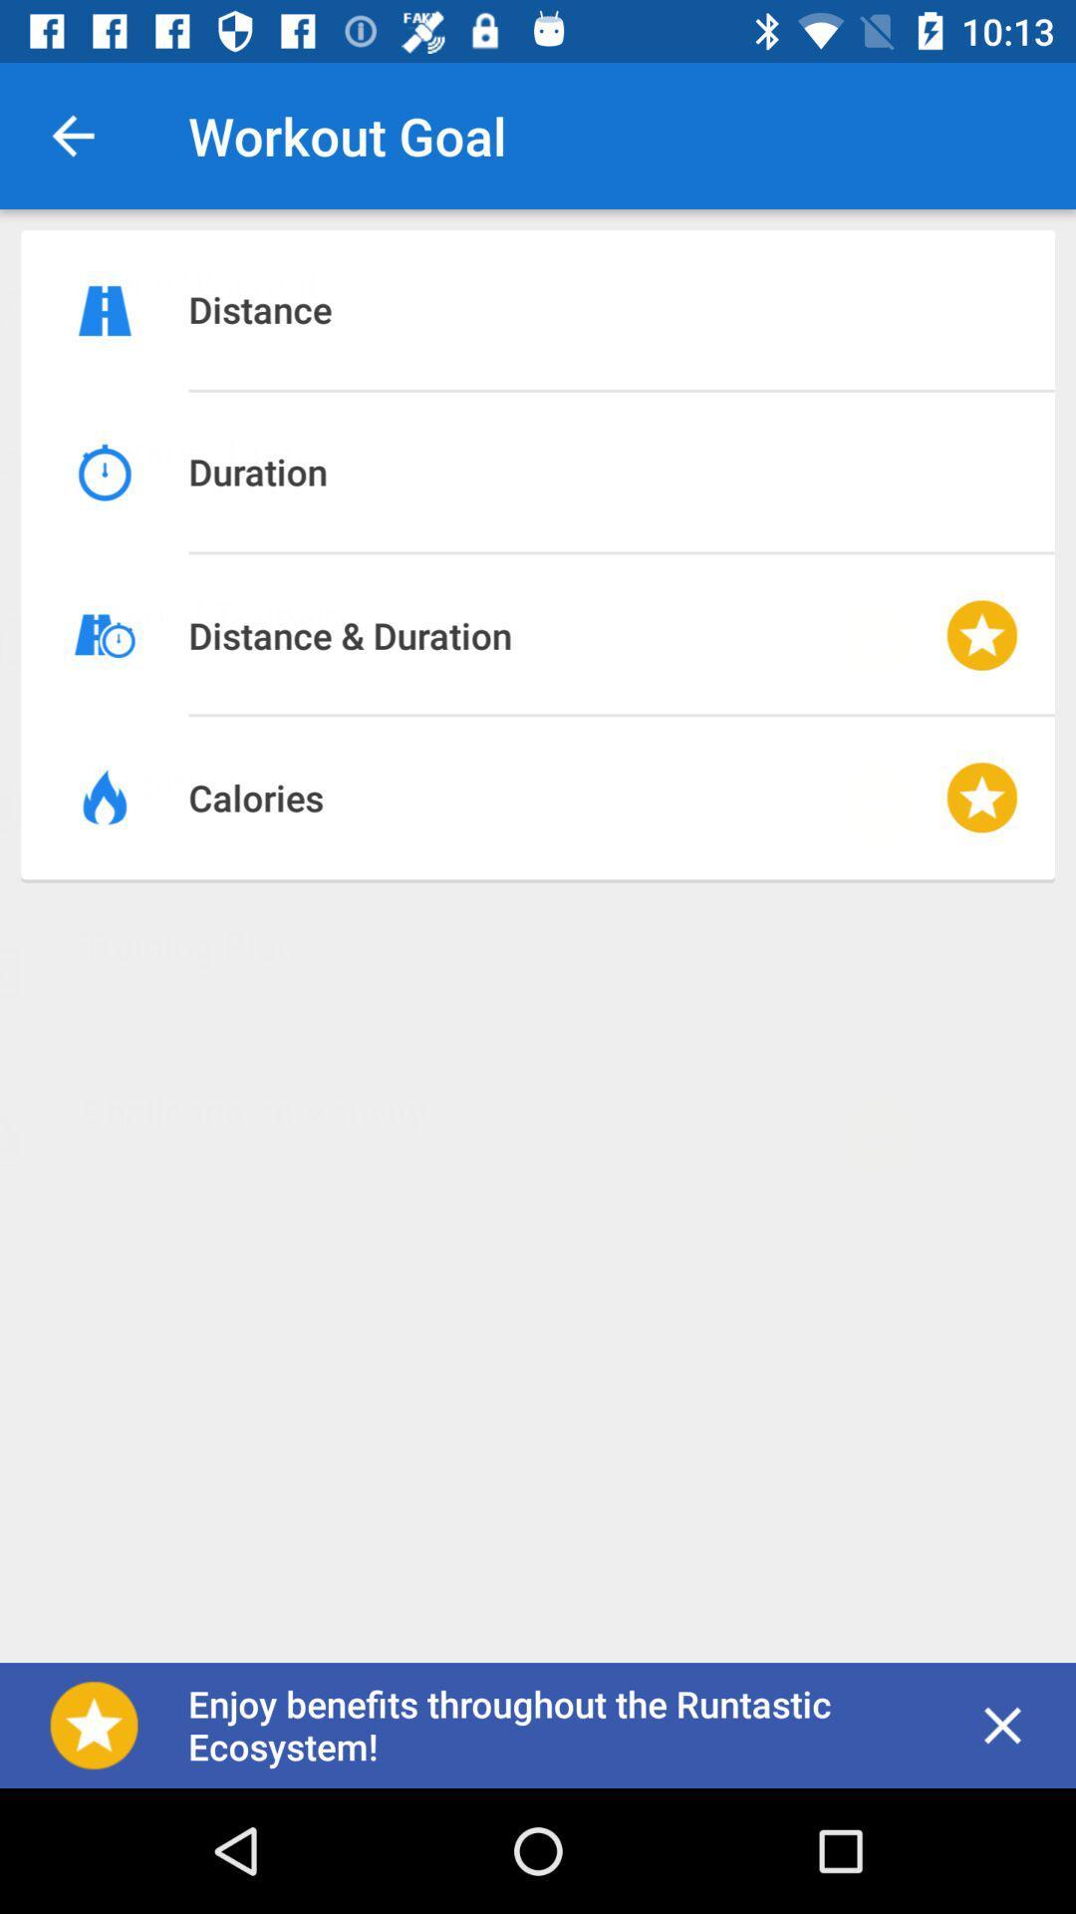 This screenshot has height=1914, width=1076. What do you see at coordinates (1002, 1725) in the screenshot?
I see `the close icon` at bounding box center [1002, 1725].